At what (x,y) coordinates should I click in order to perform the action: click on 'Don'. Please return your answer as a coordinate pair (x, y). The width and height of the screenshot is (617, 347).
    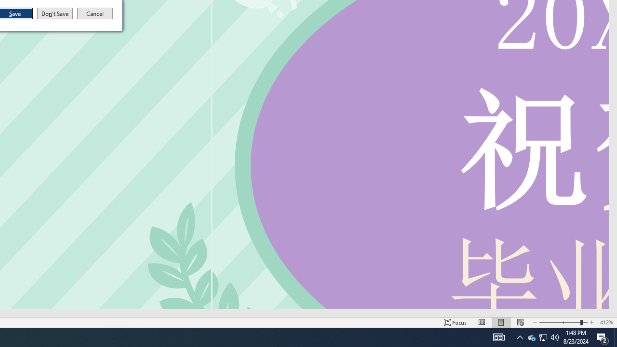
    Looking at the image, I should click on (54, 13).